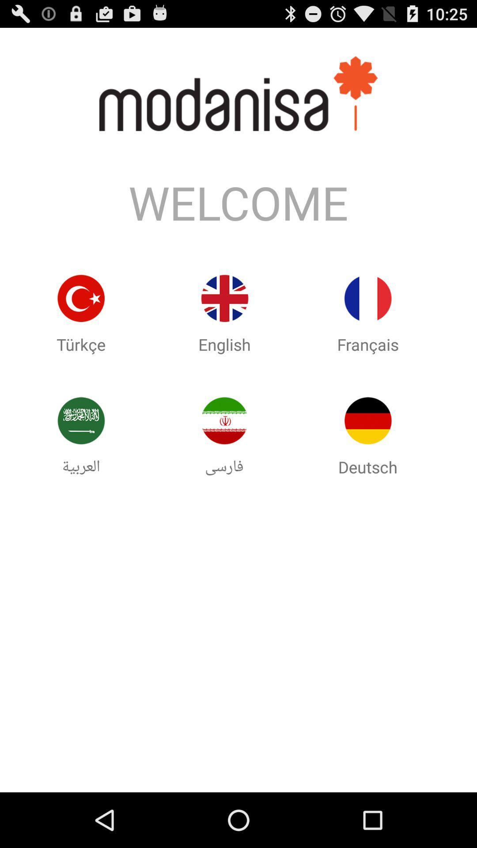 The height and width of the screenshot is (848, 477). I want to click on german as language, so click(368, 420).